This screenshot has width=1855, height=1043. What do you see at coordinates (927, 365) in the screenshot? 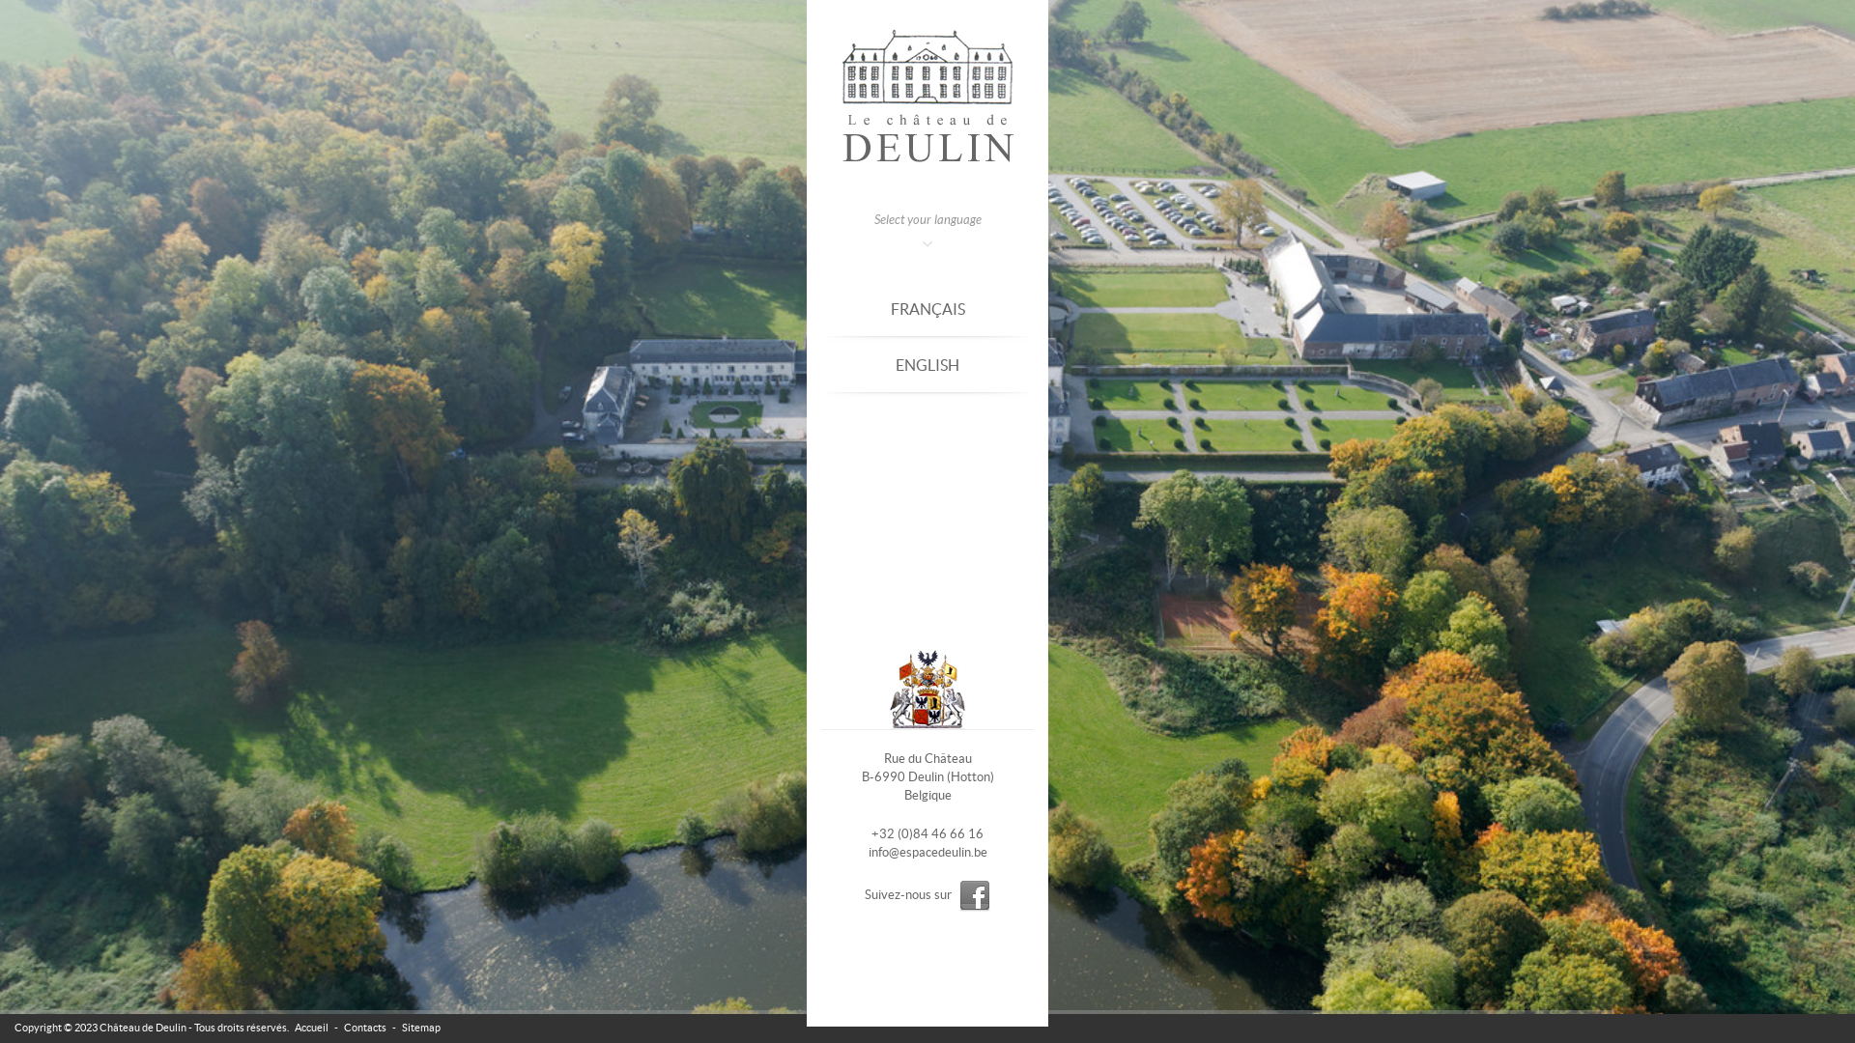
I see `'ENGLISH'` at bounding box center [927, 365].